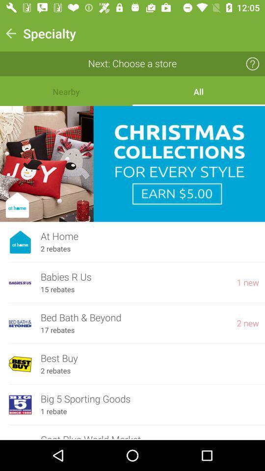  Describe the element at coordinates (133, 277) in the screenshot. I see `item to the left of 1 new icon` at that location.